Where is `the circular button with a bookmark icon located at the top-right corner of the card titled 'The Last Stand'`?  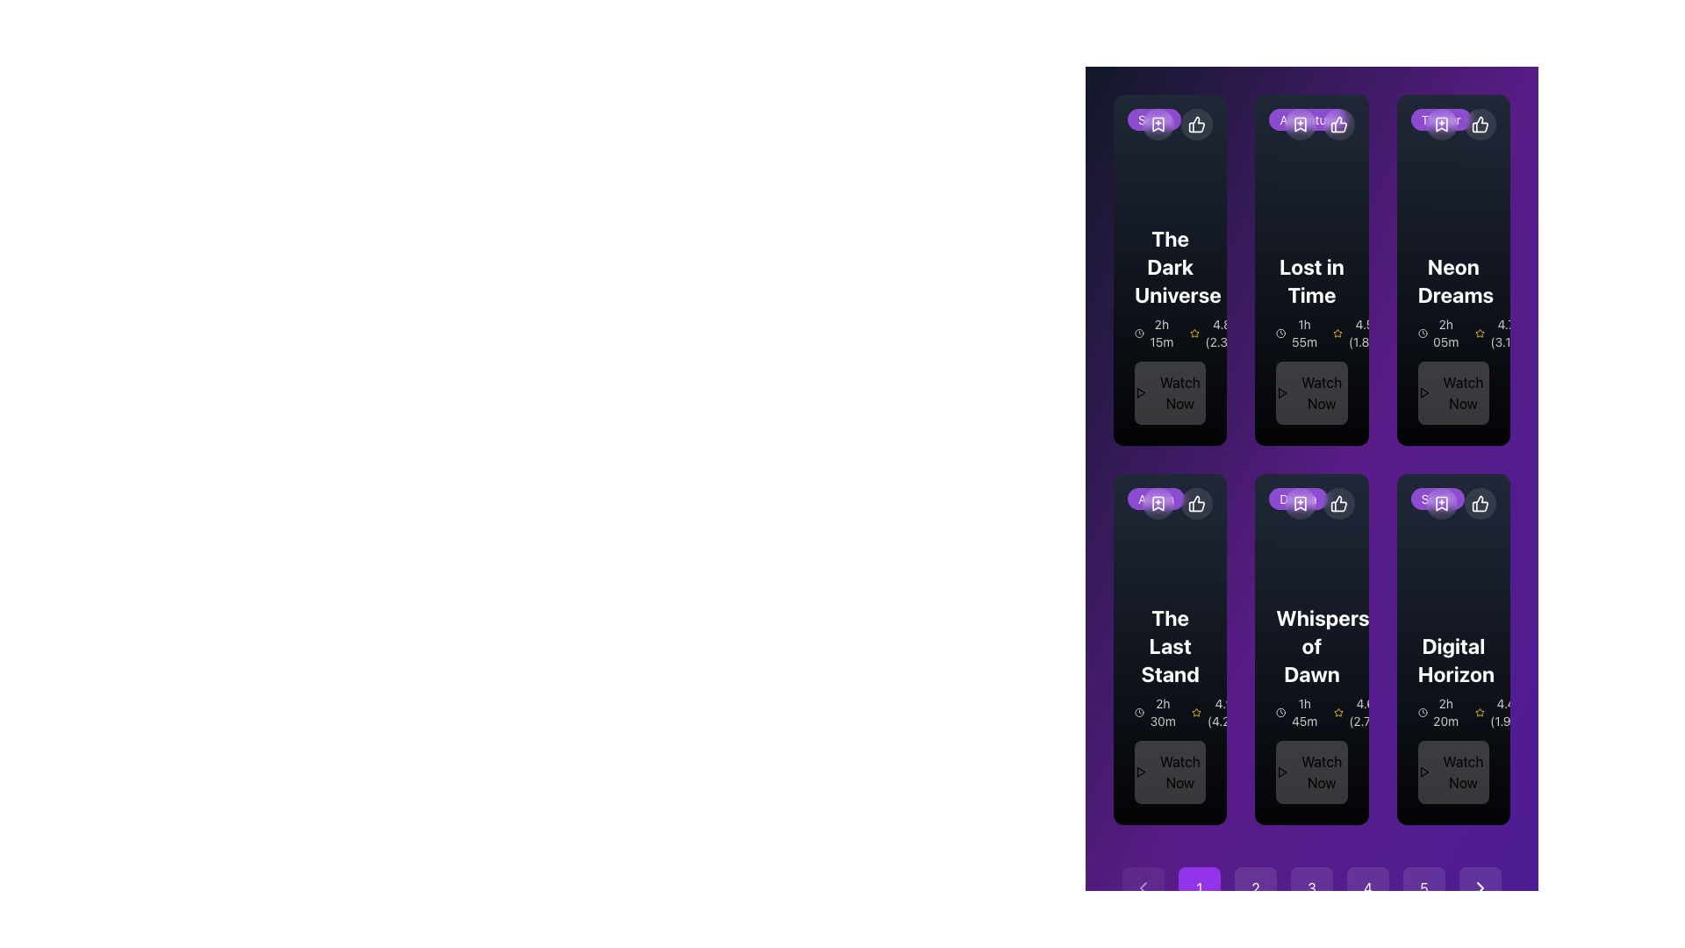 the circular button with a bookmark icon located at the top-right corner of the card titled 'The Last Stand' is located at coordinates (1178, 504).